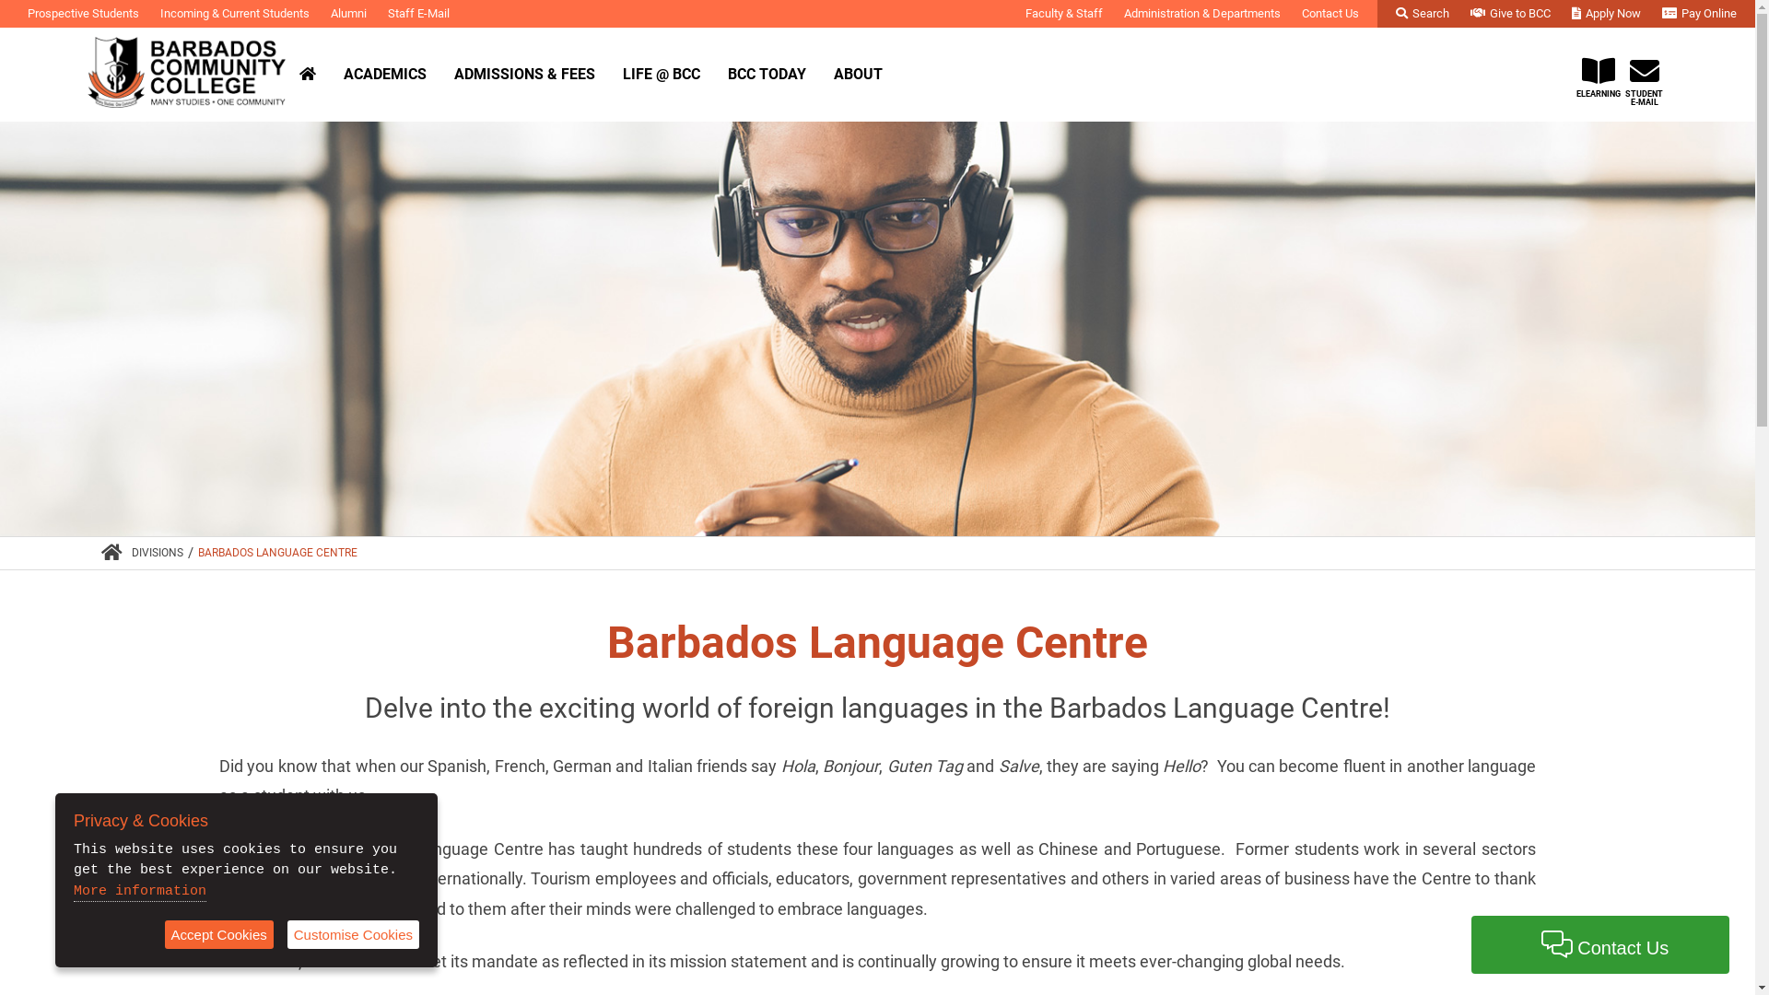 The image size is (1769, 995). What do you see at coordinates (1510, 13) in the screenshot?
I see `'Give to BCC'` at bounding box center [1510, 13].